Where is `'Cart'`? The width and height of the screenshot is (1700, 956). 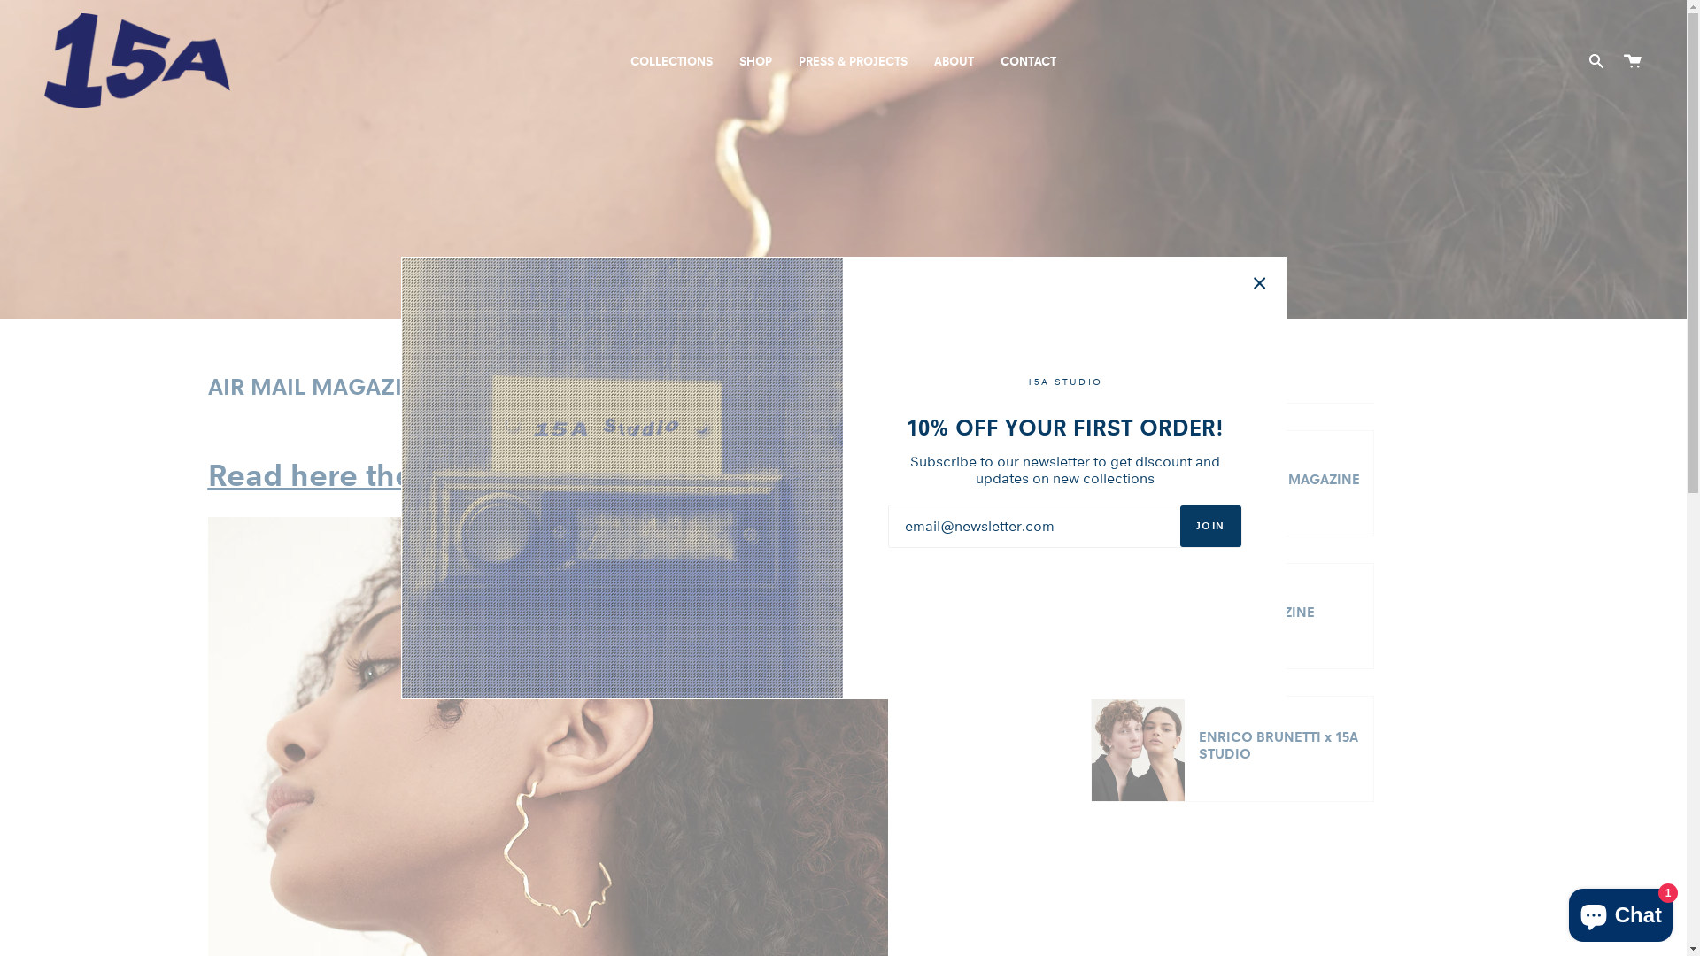
'Cart' is located at coordinates (1631, 59).